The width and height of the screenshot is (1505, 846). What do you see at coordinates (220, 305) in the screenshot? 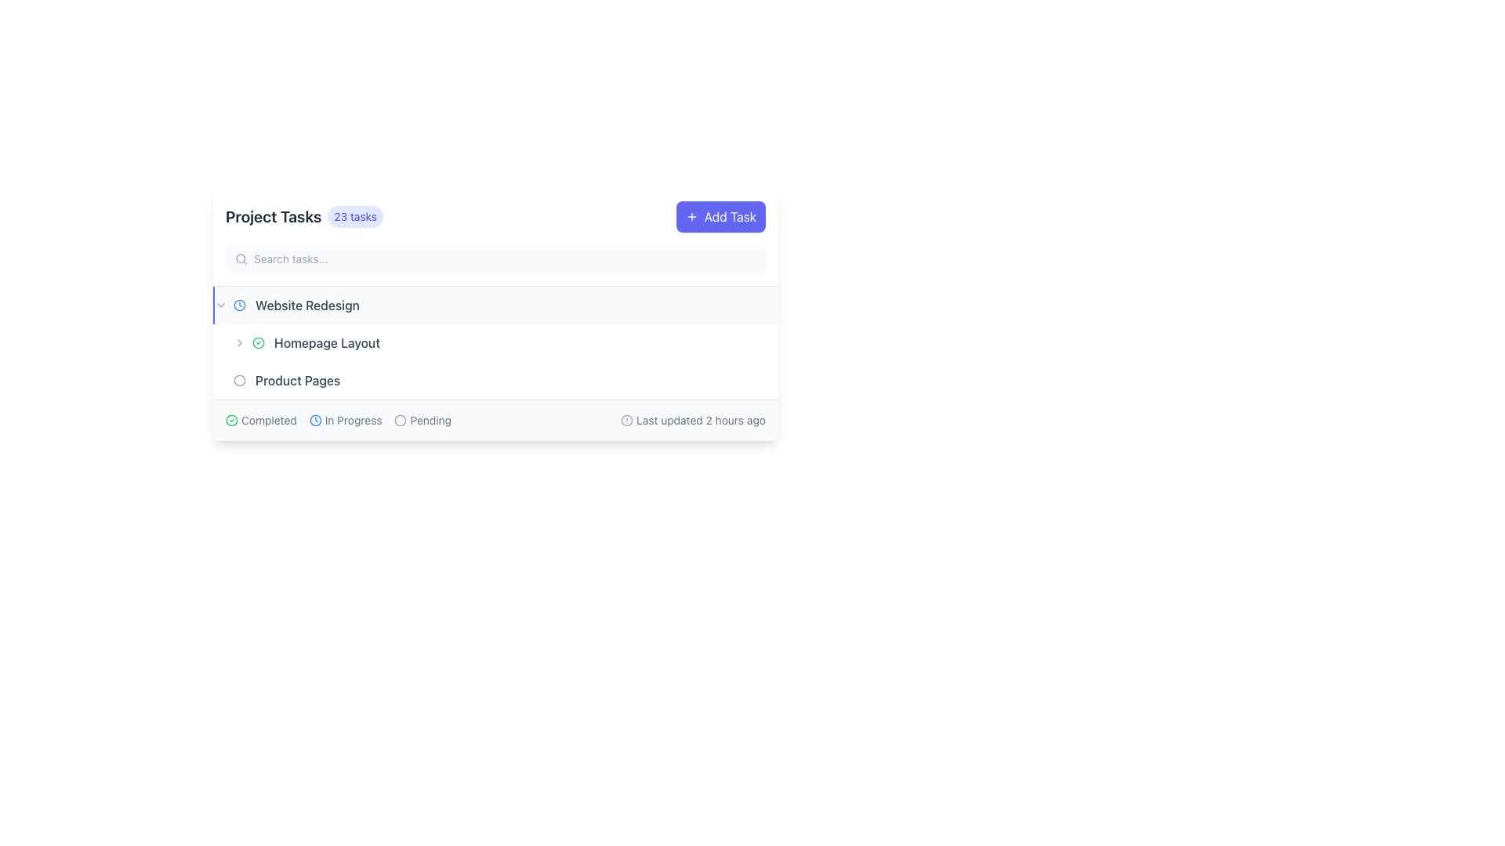
I see `the small, downward-pointing chevron icon` at bounding box center [220, 305].